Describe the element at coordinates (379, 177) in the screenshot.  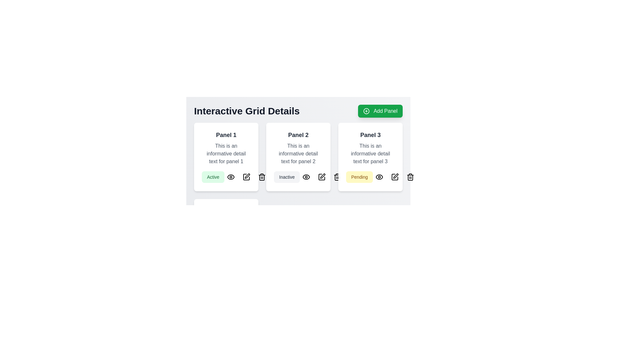
I see `the Icon button located at the bottom of 'Panel 3', which is the second icon from the left` at that location.